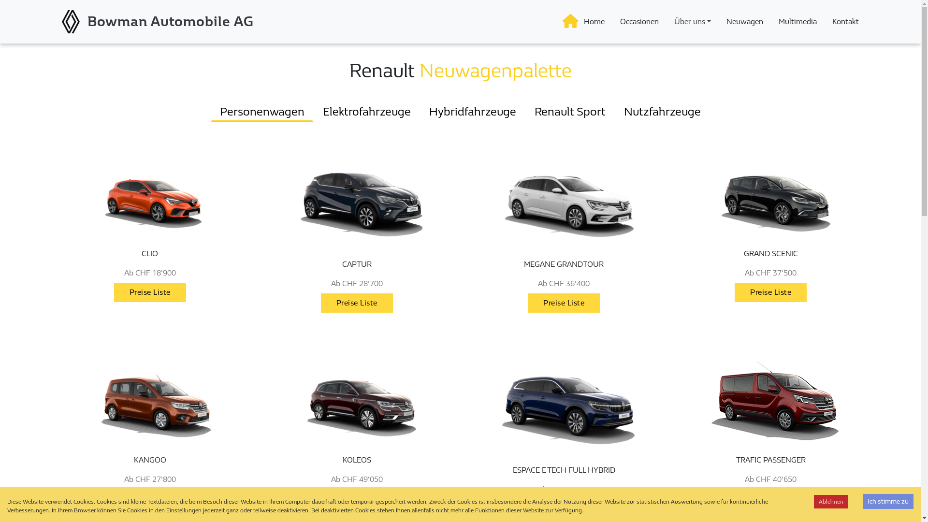 The image size is (928, 522). I want to click on 'Preise Liste', so click(770, 498).